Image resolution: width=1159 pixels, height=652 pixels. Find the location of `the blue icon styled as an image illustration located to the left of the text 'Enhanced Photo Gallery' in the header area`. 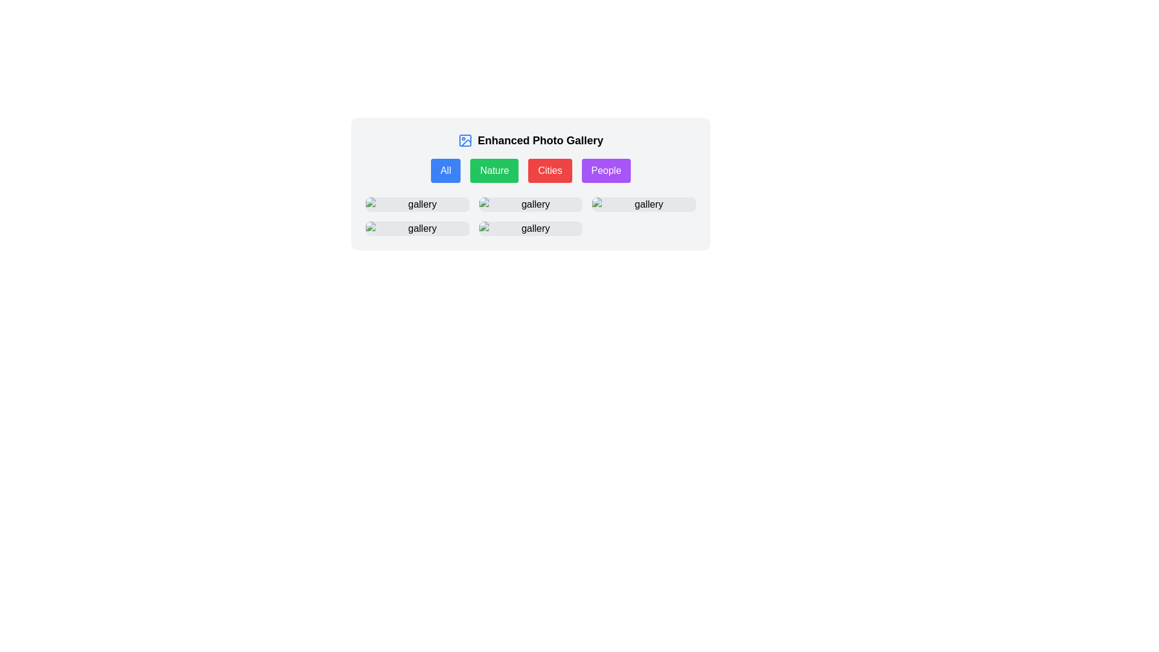

the blue icon styled as an image illustration located to the left of the text 'Enhanced Photo Gallery' in the header area is located at coordinates (465, 139).